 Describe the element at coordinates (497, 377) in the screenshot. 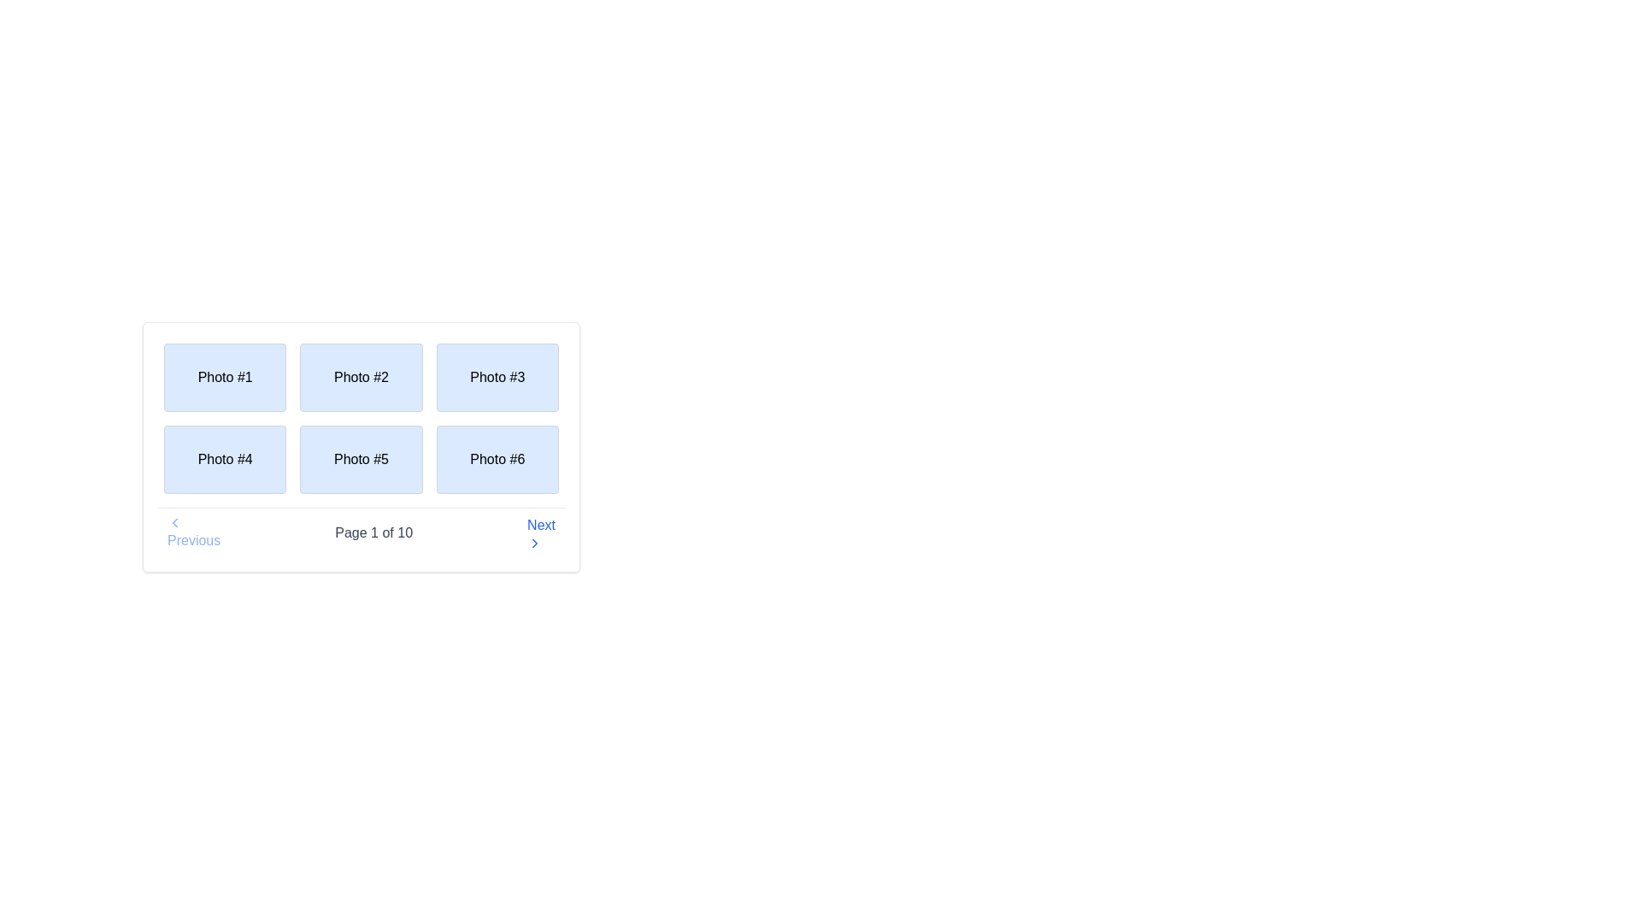

I see `the button labeled 'Photo #3', which is a rectangular button with a light blue background and centered black text, located in the first row, third column of a grid layout` at that location.